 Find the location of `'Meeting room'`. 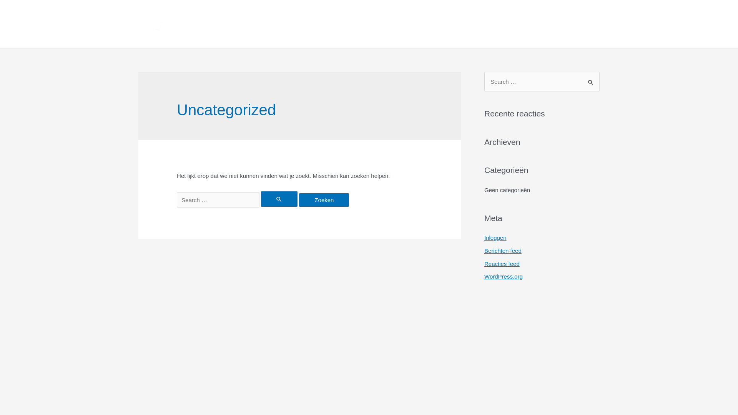

'Meeting room' is located at coordinates (407, 23).